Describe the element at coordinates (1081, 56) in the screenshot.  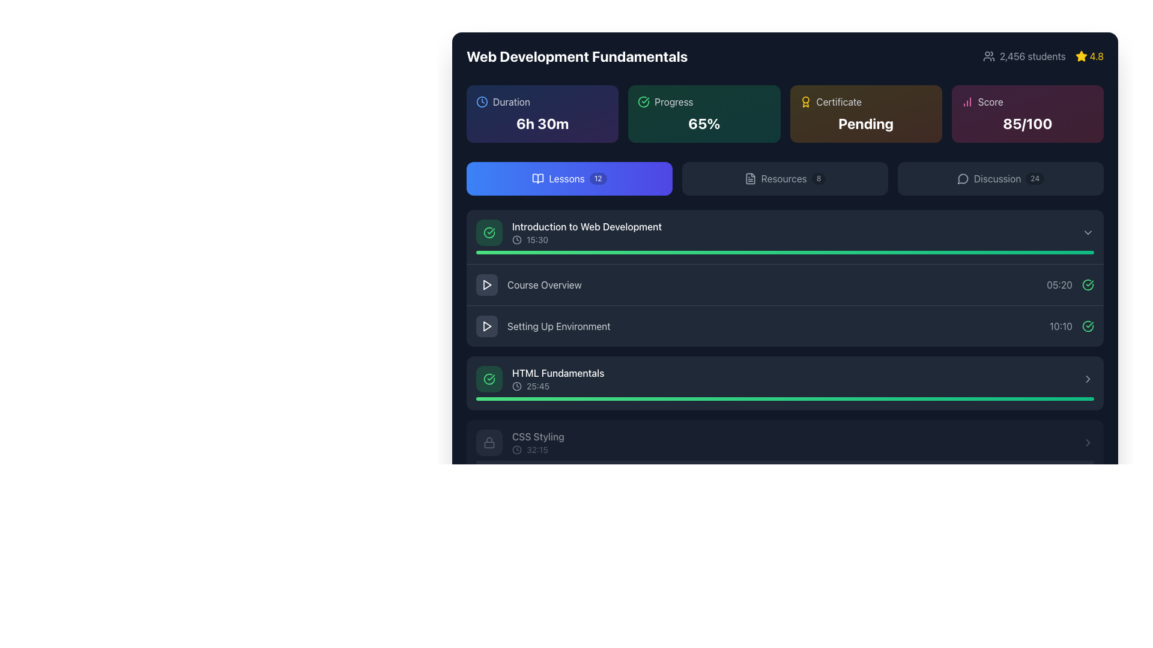
I see `the star-shaped yellow icon that indicates a rating of '4.8', located in the top-right corner of the interface` at that location.